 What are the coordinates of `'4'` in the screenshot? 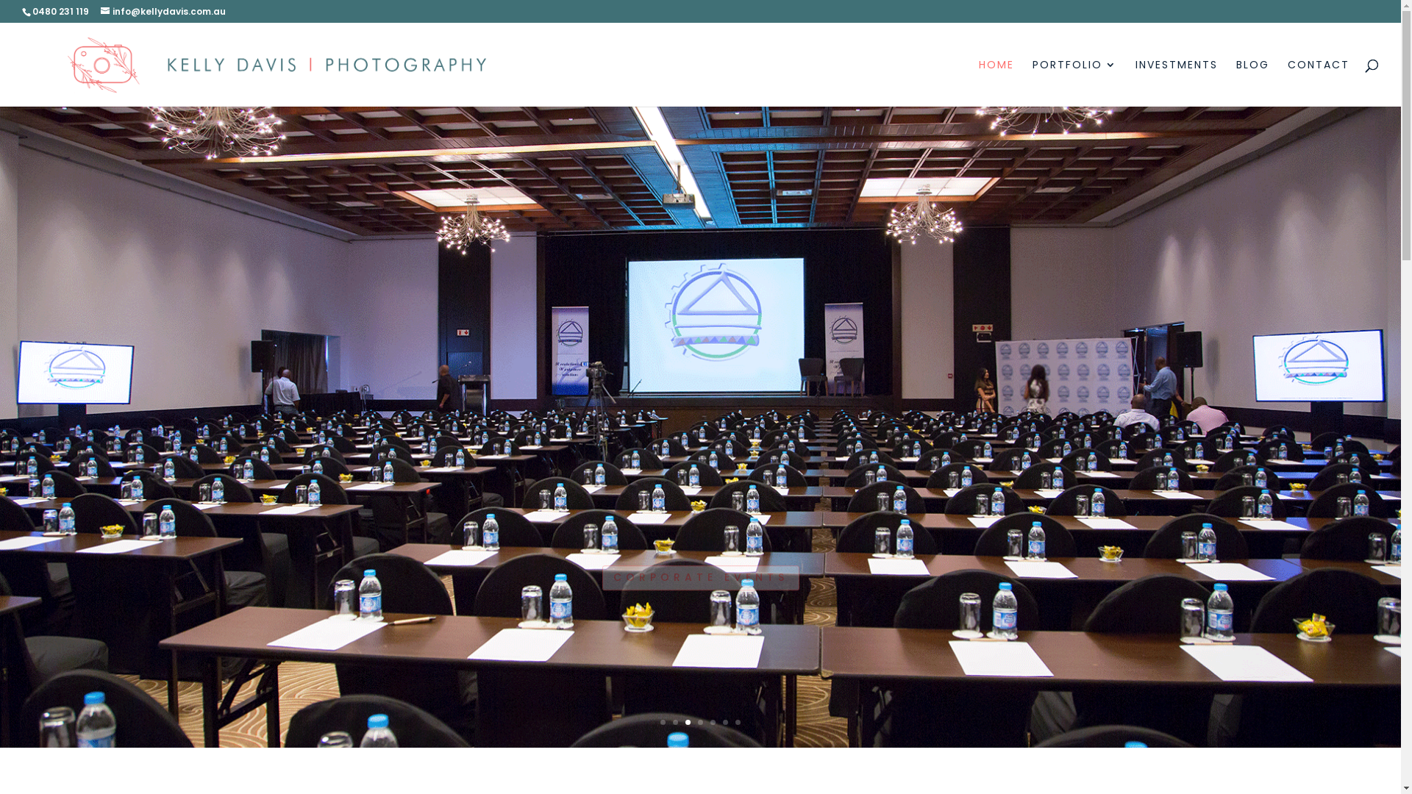 It's located at (699, 721).